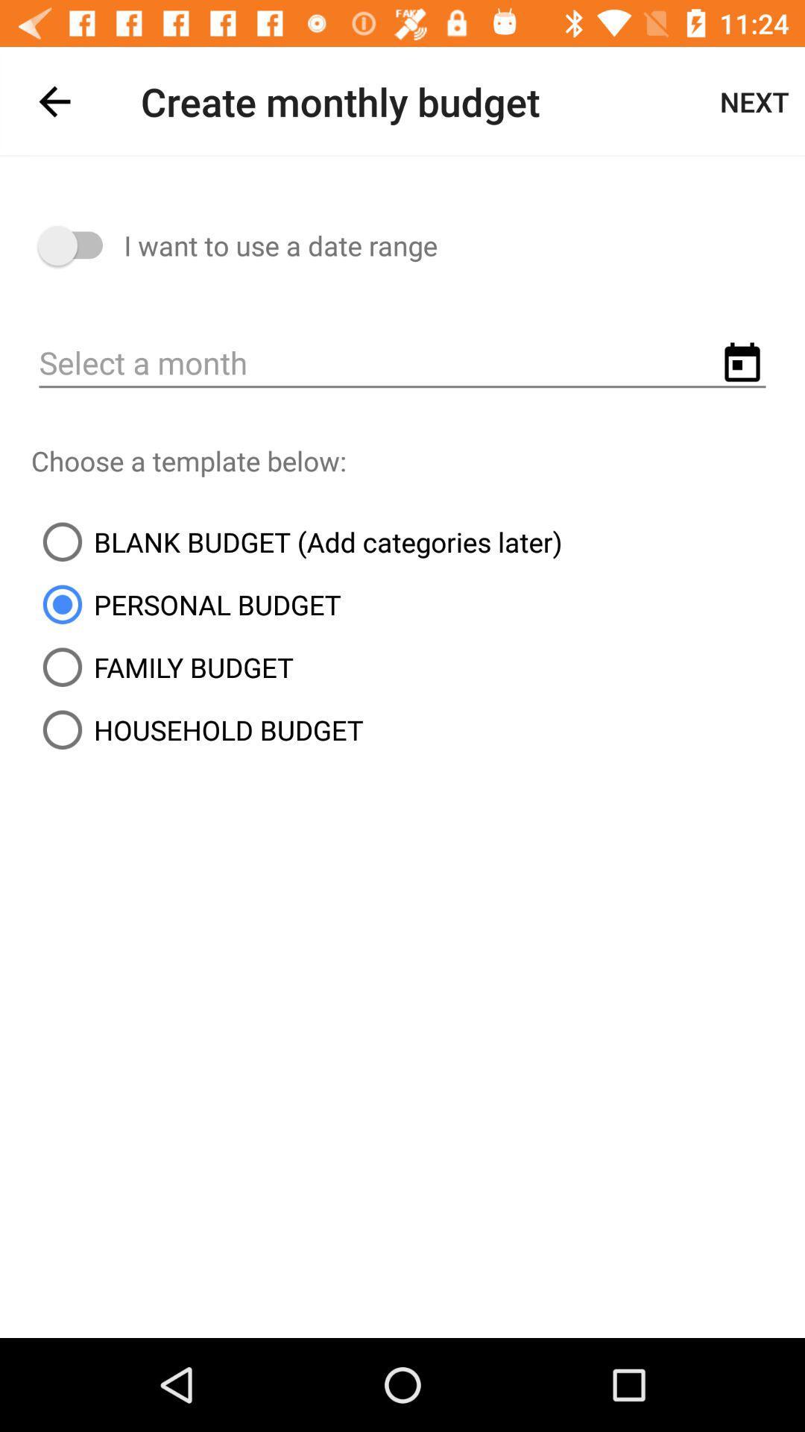 Image resolution: width=805 pixels, height=1432 pixels. What do you see at coordinates (185, 604) in the screenshot?
I see `personal budget icon` at bounding box center [185, 604].